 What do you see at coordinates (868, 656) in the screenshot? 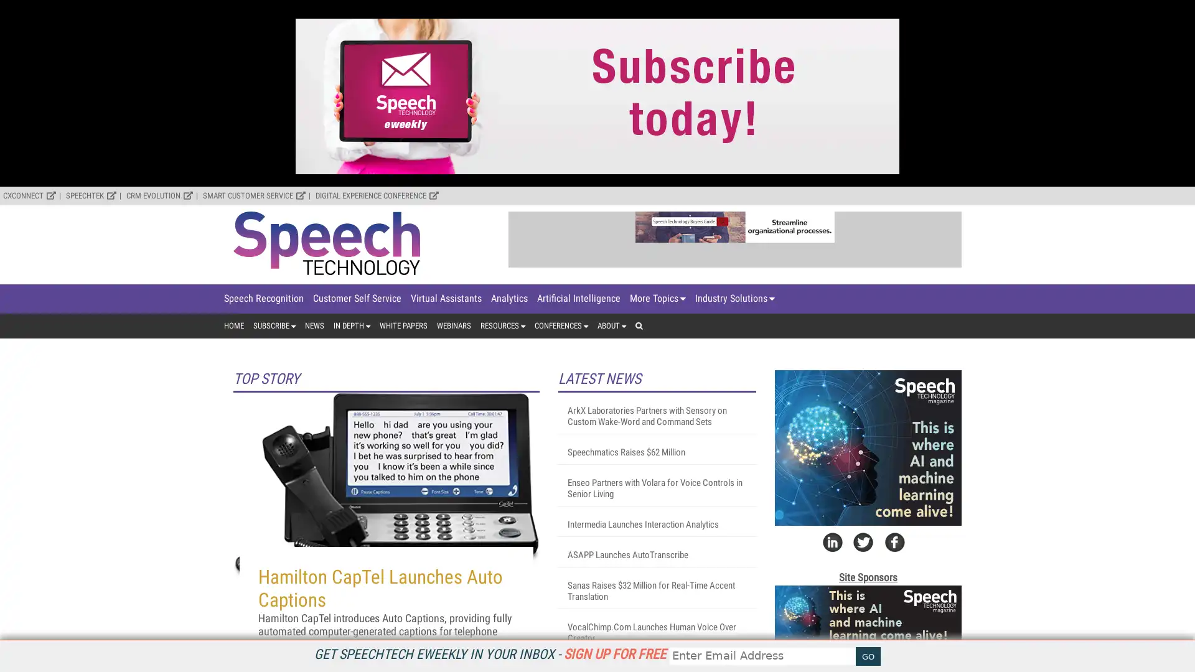
I see `GO` at bounding box center [868, 656].